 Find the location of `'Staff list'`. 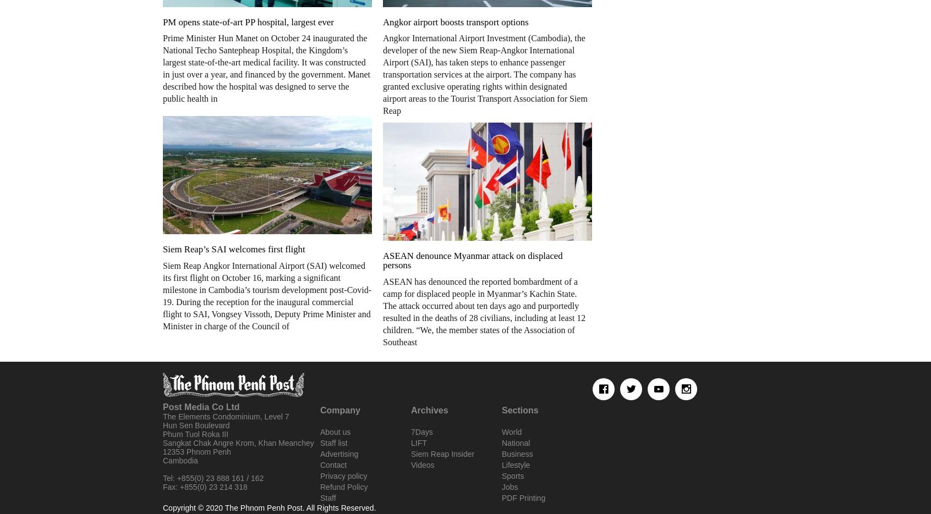

'Staff list' is located at coordinates (320, 442).